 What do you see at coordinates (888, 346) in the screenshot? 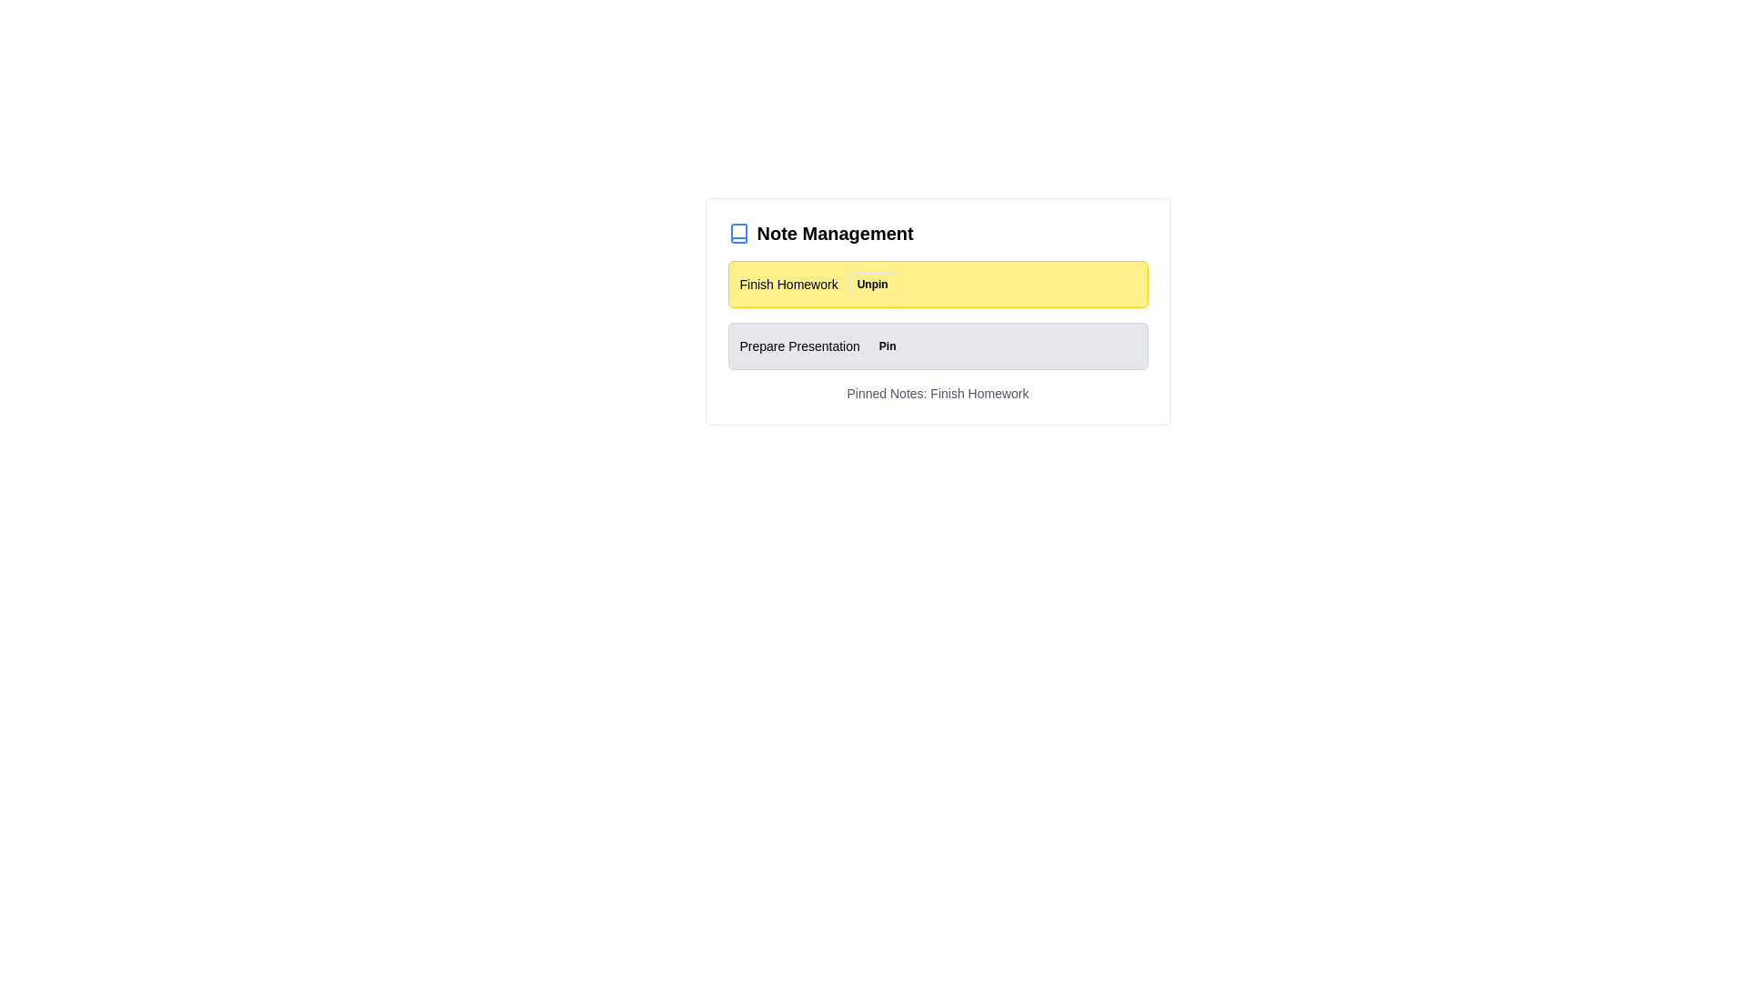
I see `the Pin (Prepare Presentation) button to toggle the pin status of the corresponding note` at bounding box center [888, 346].